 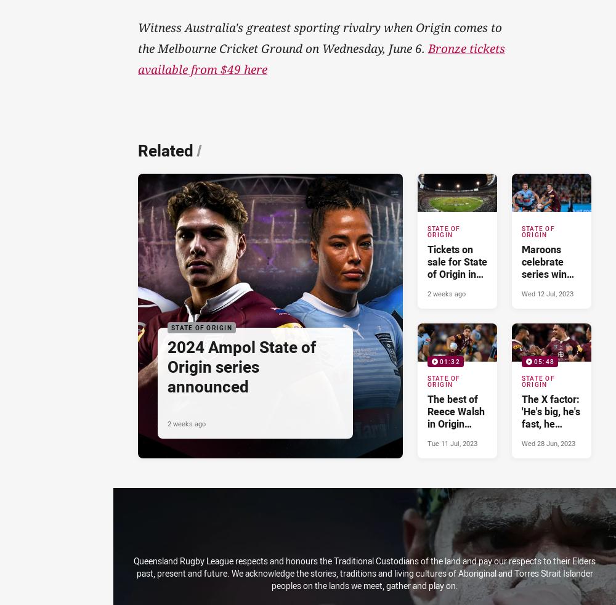 I want to click on 'Bronze tickets available from $49 here', so click(x=322, y=59).